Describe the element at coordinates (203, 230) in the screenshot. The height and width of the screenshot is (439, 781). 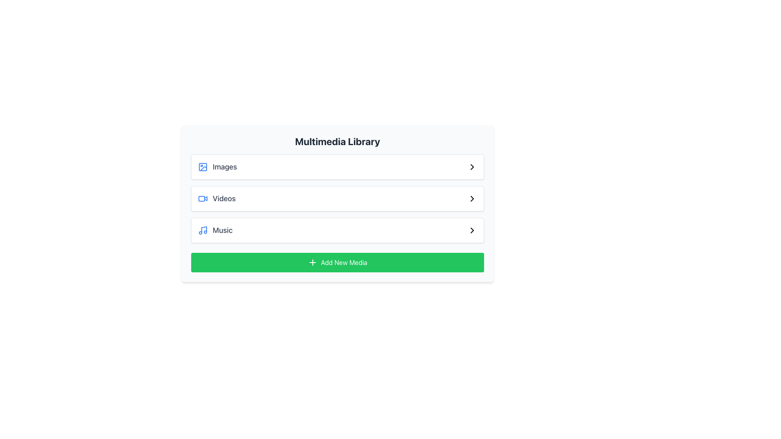
I see `the blue music icon, which is represented by a note and is located near the left side of the 'Music' option in the 'Multimedia Library' interface` at that location.